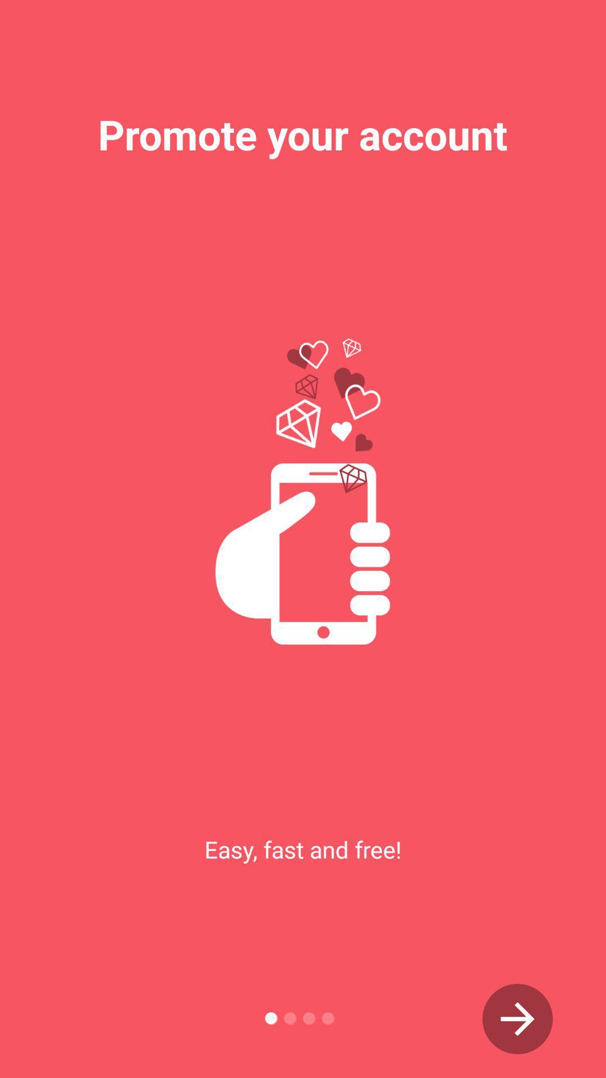 The height and width of the screenshot is (1078, 606). What do you see at coordinates (517, 1018) in the screenshot?
I see `icon below easy fast and item` at bounding box center [517, 1018].